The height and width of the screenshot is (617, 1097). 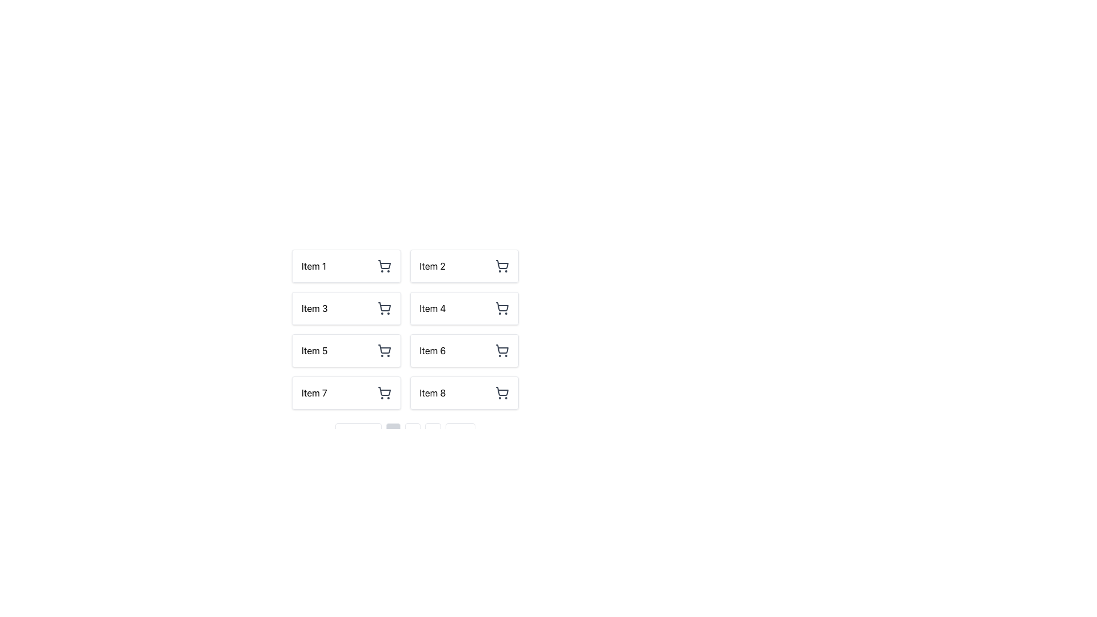 What do you see at coordinates (502, 266) in the screenshot?
I see `the shopping cart icon, which features a modern minimalist design in gray, located next to the label 'Item 2'` at bounding box center [502, 266].